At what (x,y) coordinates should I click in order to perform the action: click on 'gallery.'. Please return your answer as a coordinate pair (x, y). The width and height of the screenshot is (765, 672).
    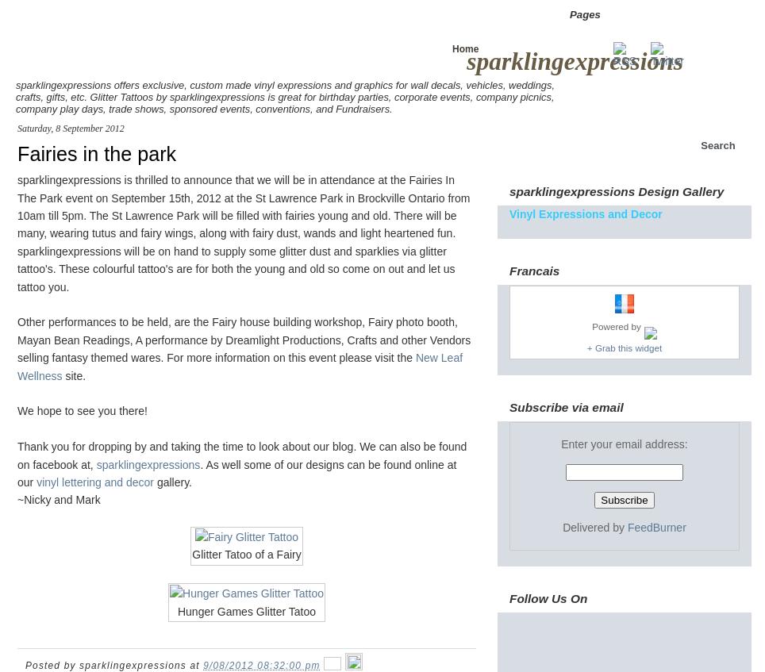
    Looking at the image, I should click on (174, 480).